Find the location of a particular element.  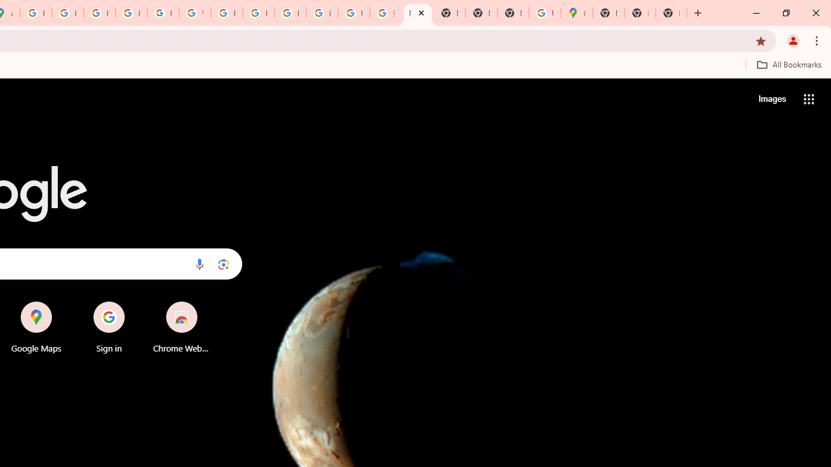

'Policy Accountability and Transparency - Transparency Center' is located at coordinates (36, 13).